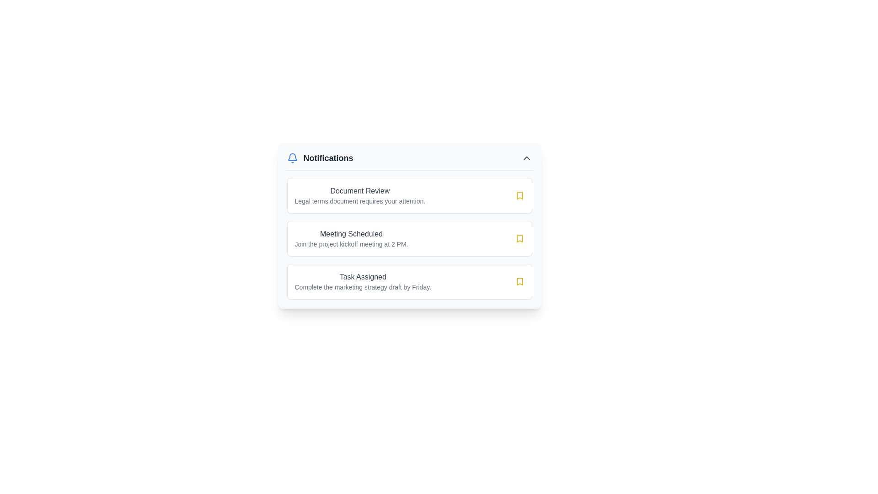  Describe the element at coordinates (328, 158) in the screenshot. I see `the text label that serves as the header for the notification panel, located to the right of the blue bell icon` at that location.